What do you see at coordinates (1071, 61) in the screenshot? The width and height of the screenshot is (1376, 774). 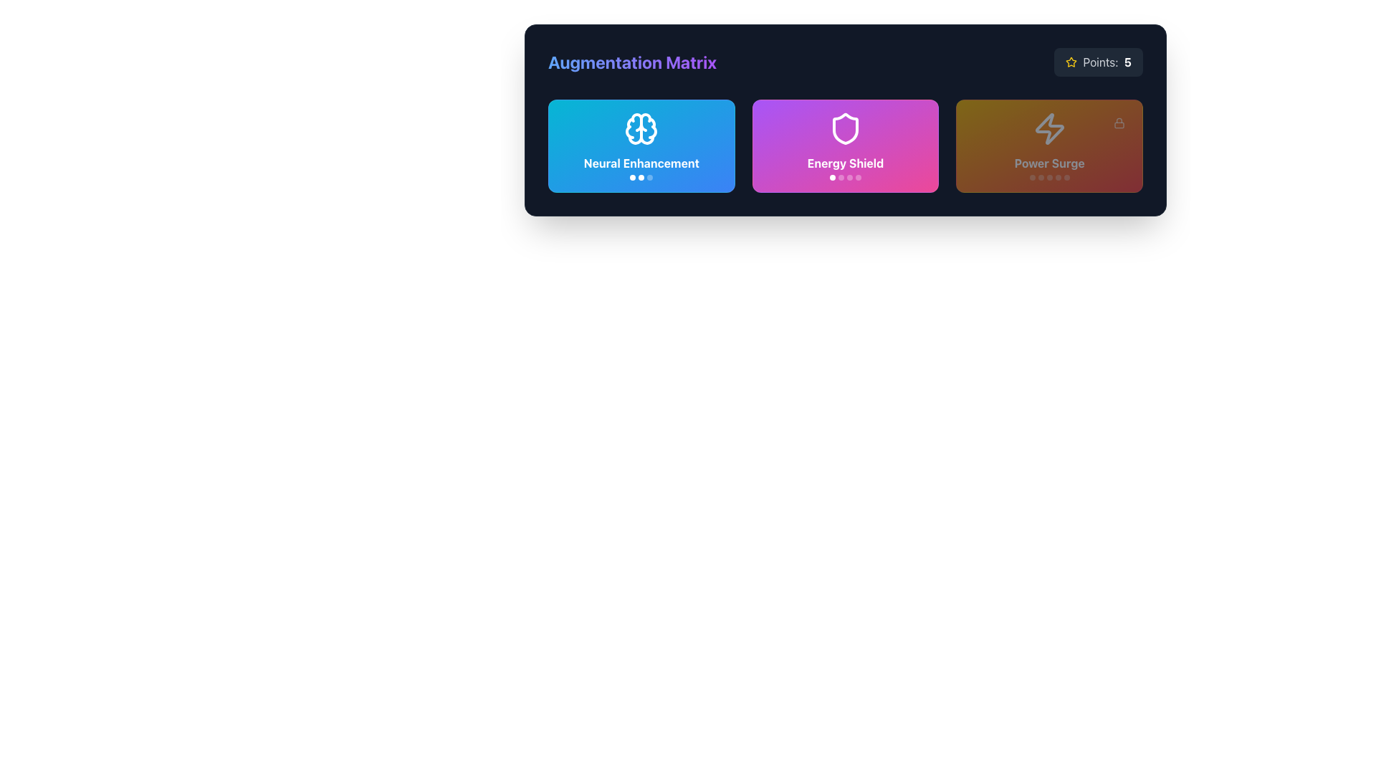 I see `the star icon with a yellow fill color located in the top-right section of the interface, near the points indicator displaying '5 Points'` at bounding box center [1071, 61].